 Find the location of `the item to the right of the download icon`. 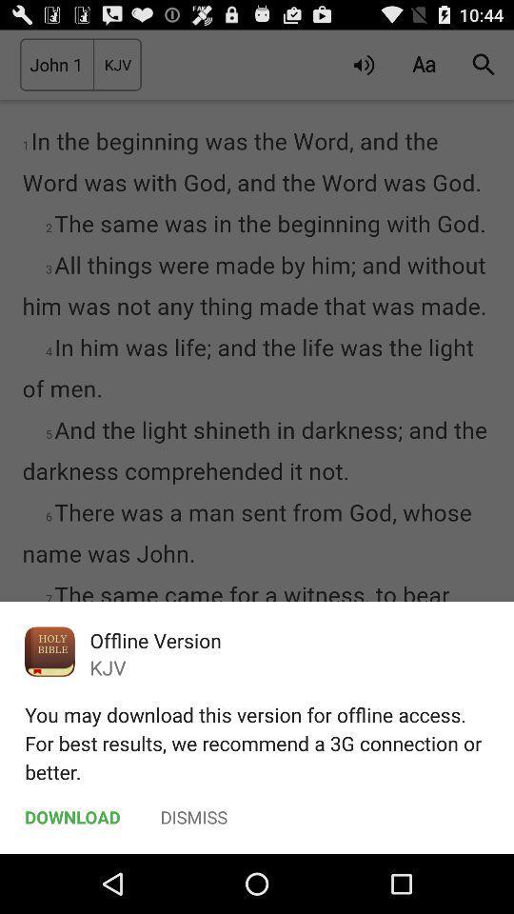

the item to the right of the download icon is located at coordinates (193, 816).